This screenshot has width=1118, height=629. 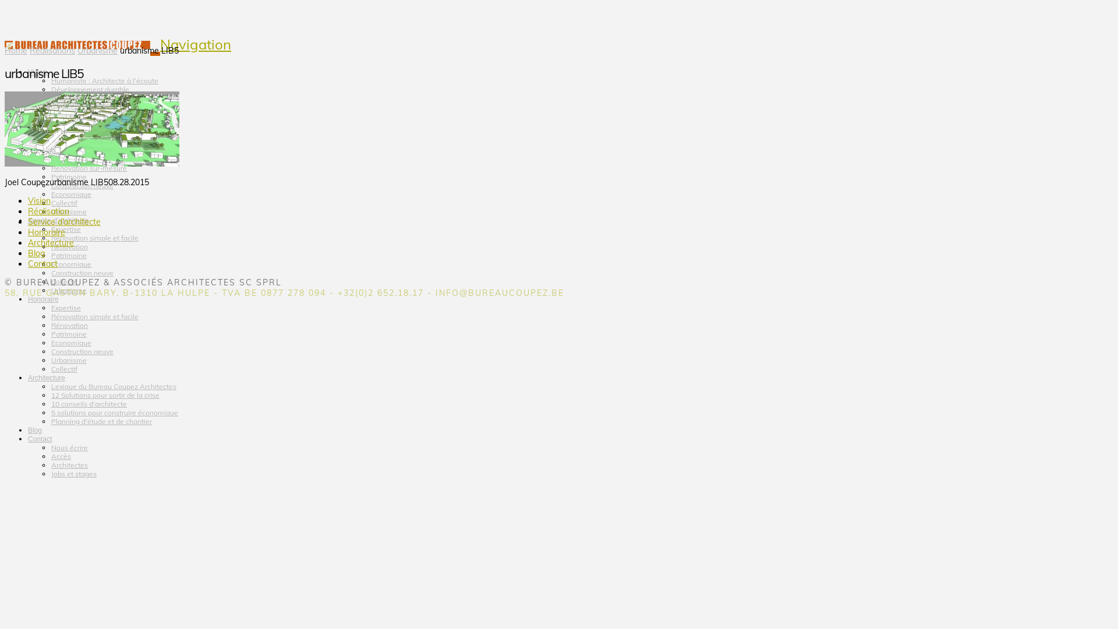 I want to click on 'Jobs et stages', so click(x=73, y=473).